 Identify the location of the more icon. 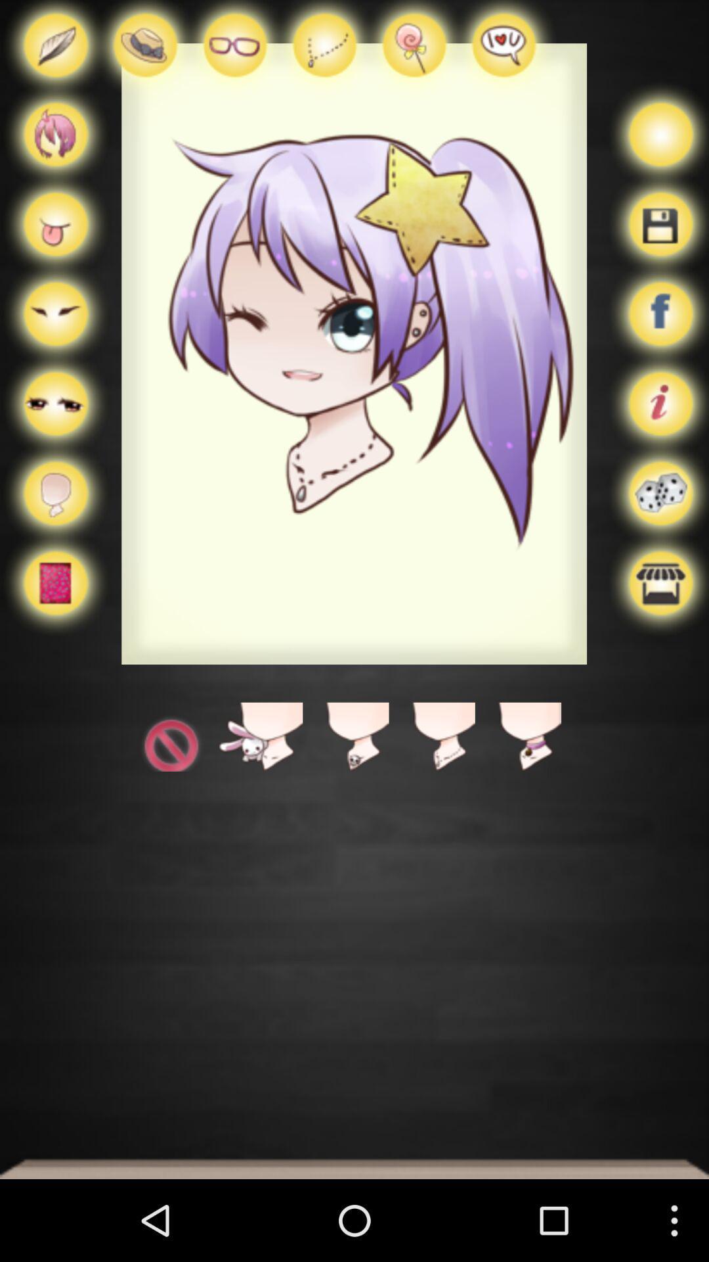
(54, 432).